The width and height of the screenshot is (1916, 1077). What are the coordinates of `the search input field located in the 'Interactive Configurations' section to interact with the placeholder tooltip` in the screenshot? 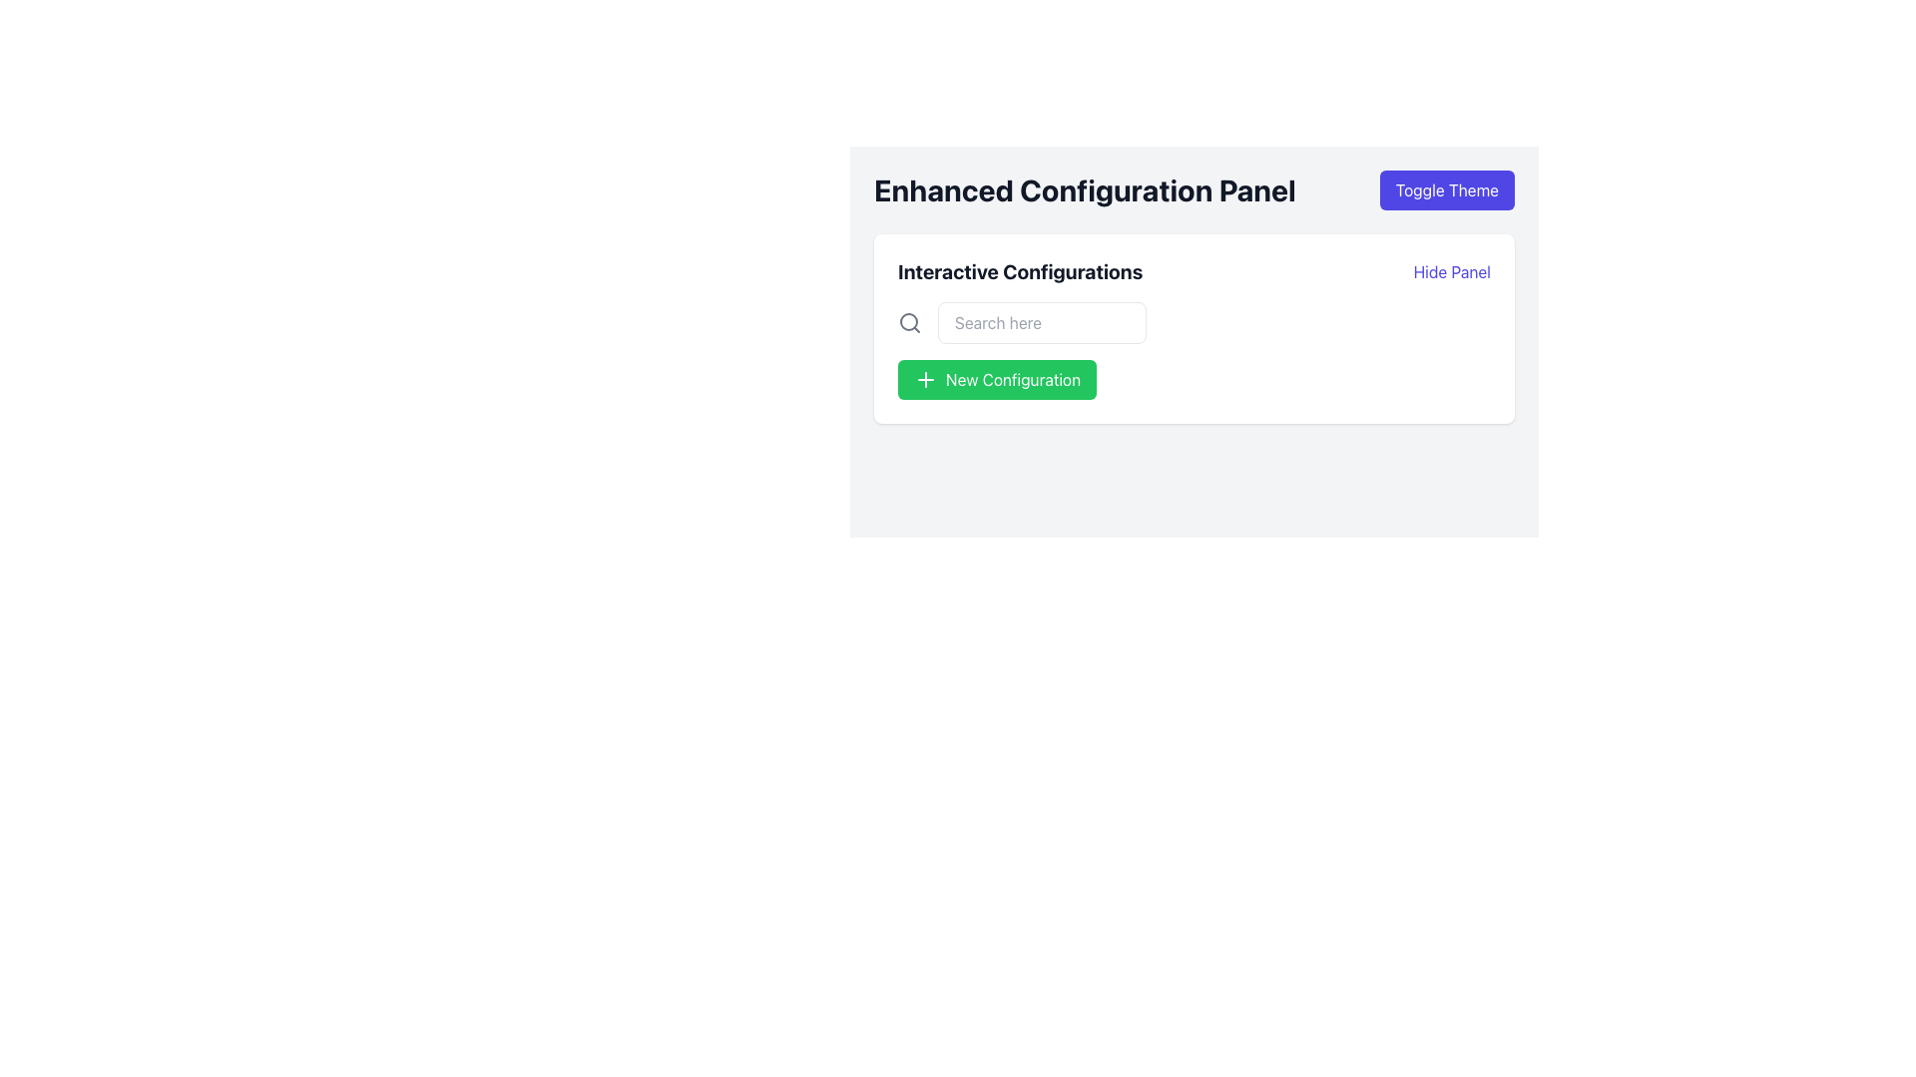 It's located at (1041, 322).